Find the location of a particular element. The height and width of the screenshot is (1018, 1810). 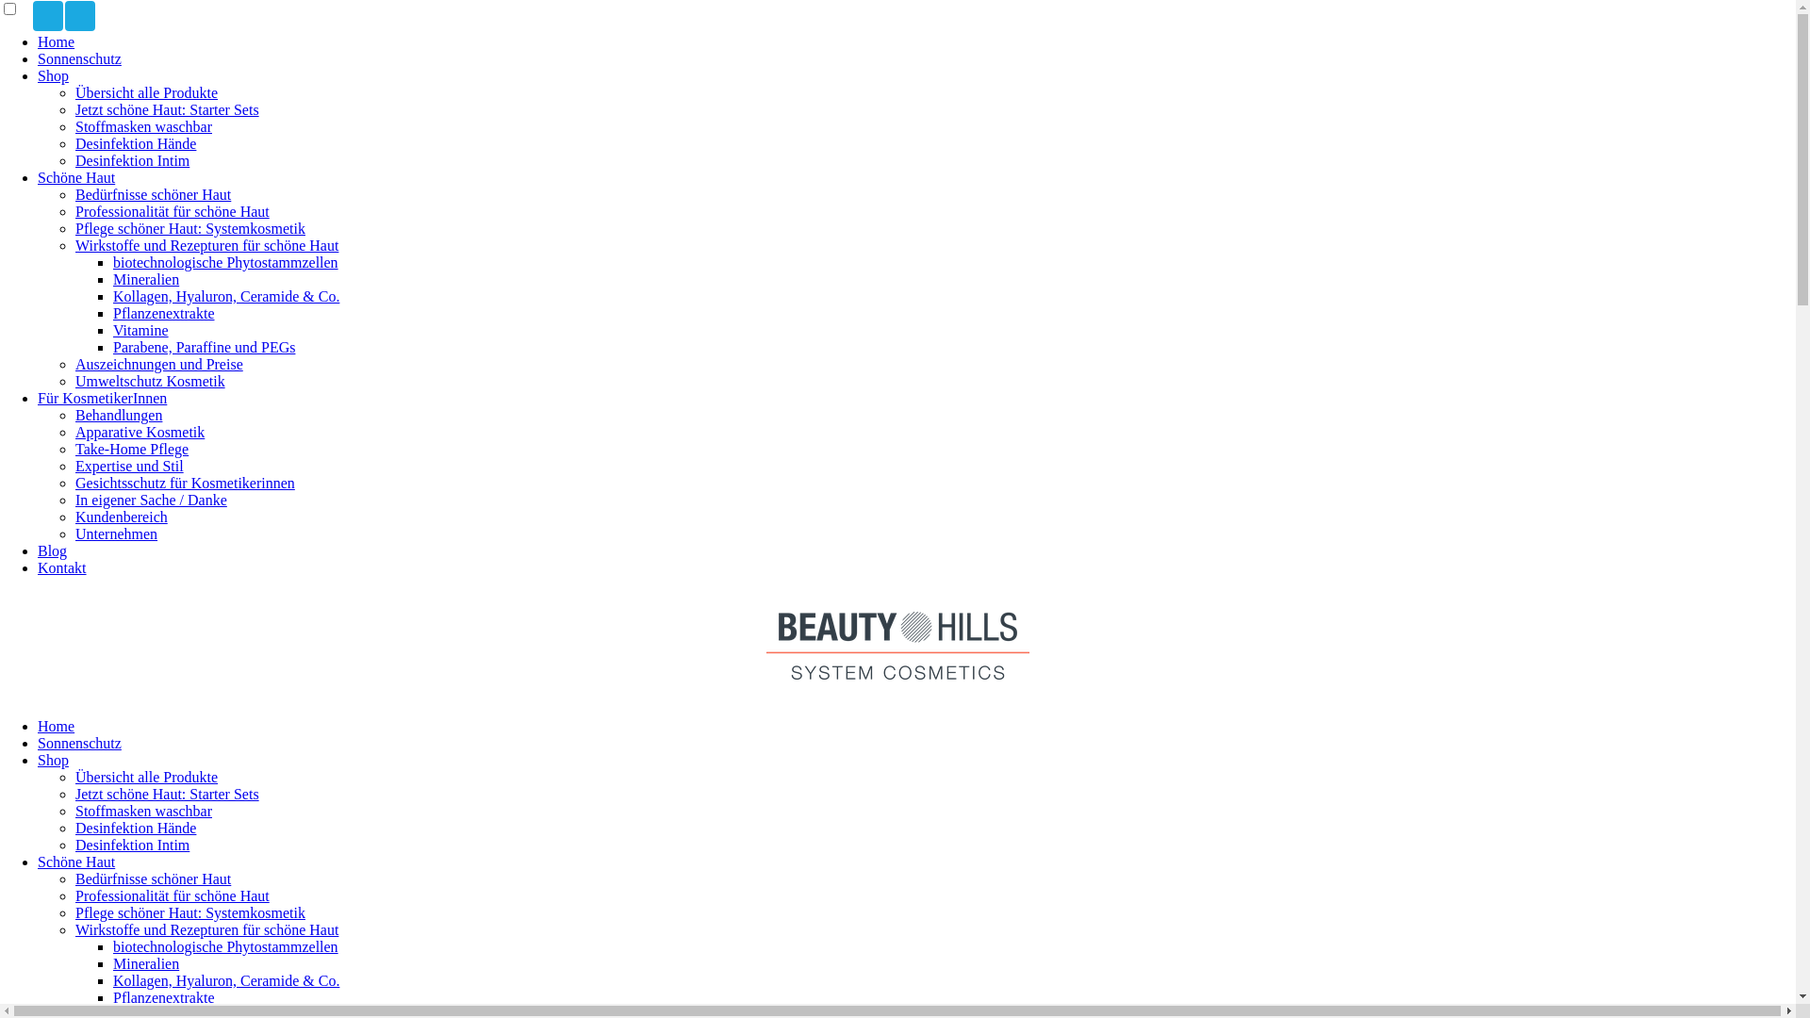

'Pflanzenextrakte' is located at coordinates (163, 312).